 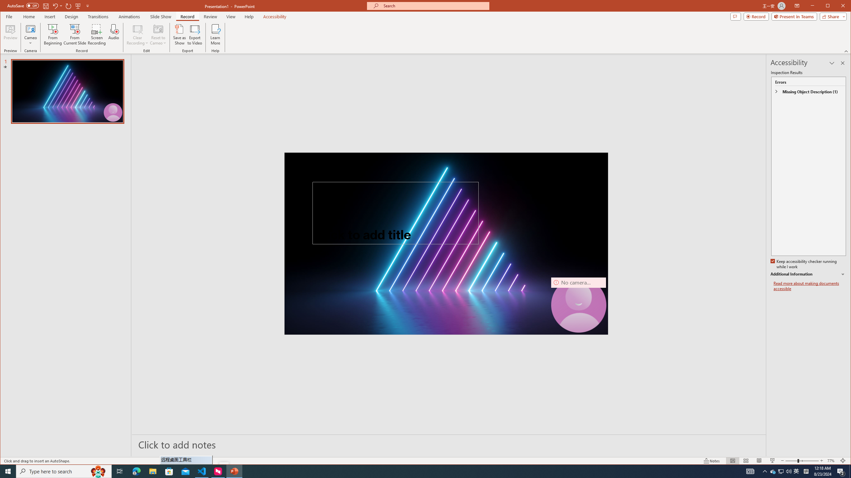 What do you see at coordinates (119, 471) in the screenshot?
I see `'Task View'` at bounding box center [119, 471].